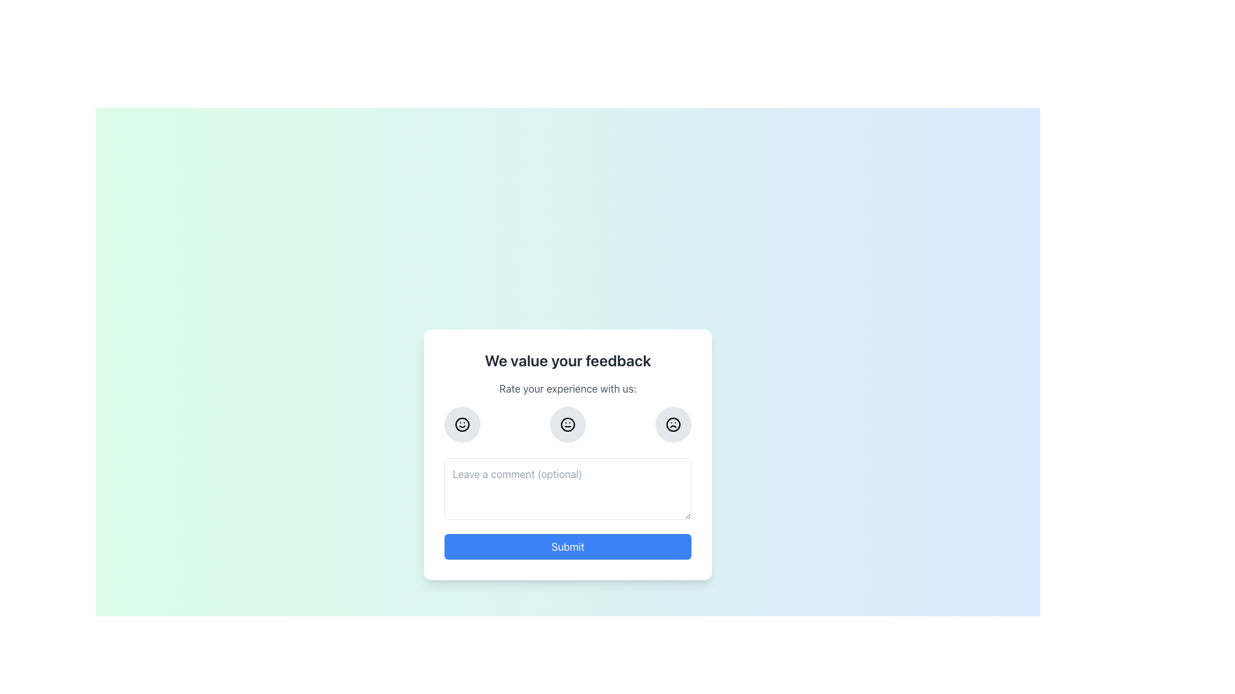 Image resolution: width=1235 pixels, height=694 pixels. I want to click on the circular icon button for feedback selection, which features a minimalist face illustration with straight lines for the mouth and dots for the eyes, located centrally in the feedback rating section, so click(567, 424).